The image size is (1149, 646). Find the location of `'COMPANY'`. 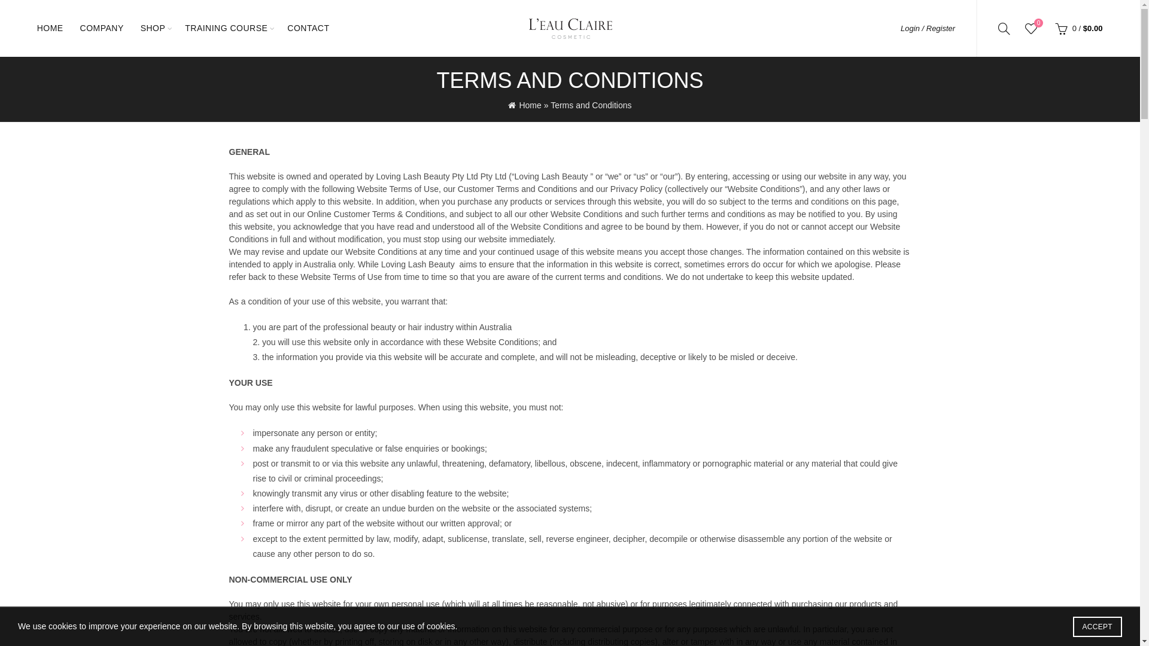

'COMPANY' is located at coordinates (102, 28).